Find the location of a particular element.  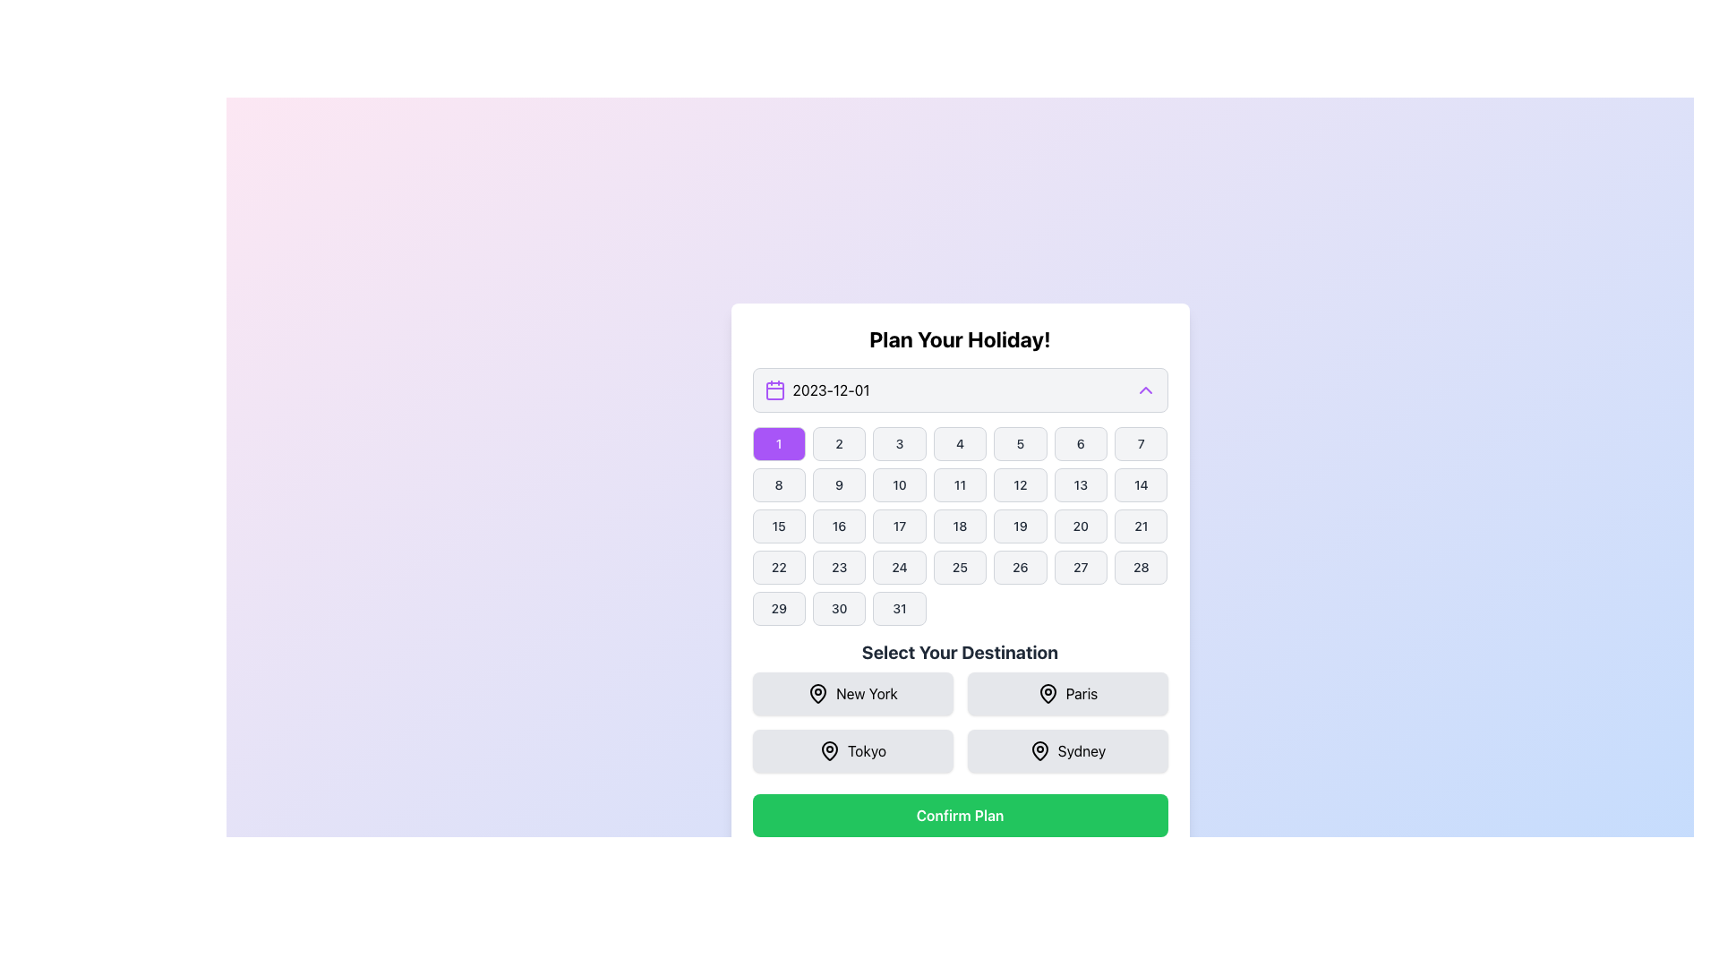

the calendar date button labeled '11' is located at coordinates (959, 485).